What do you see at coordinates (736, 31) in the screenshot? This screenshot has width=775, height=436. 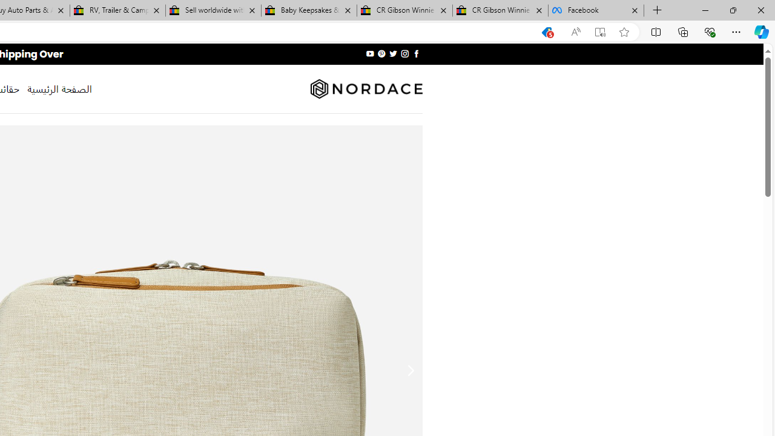 I see `'Settings and more (Alt+F)'` at bounding box center [736, 31].